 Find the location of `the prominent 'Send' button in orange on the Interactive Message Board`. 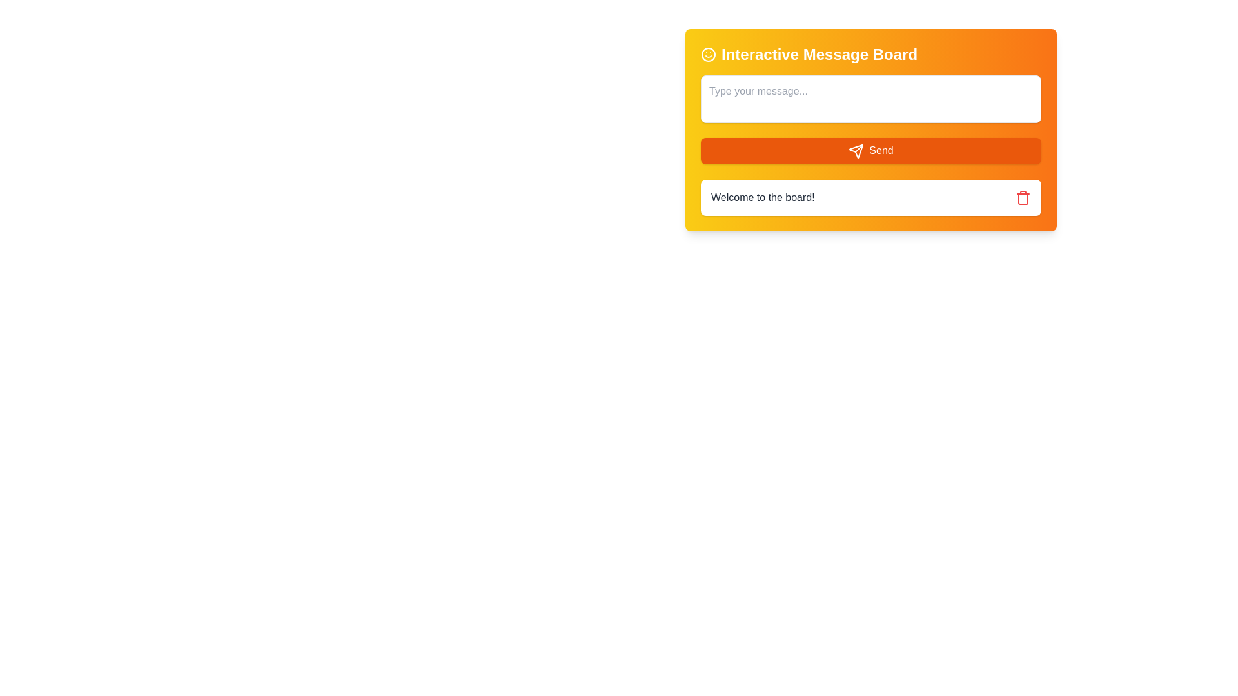

the prominent 'Send' button in orange on the Interactive Message Board is located at coordinates (870, 141).